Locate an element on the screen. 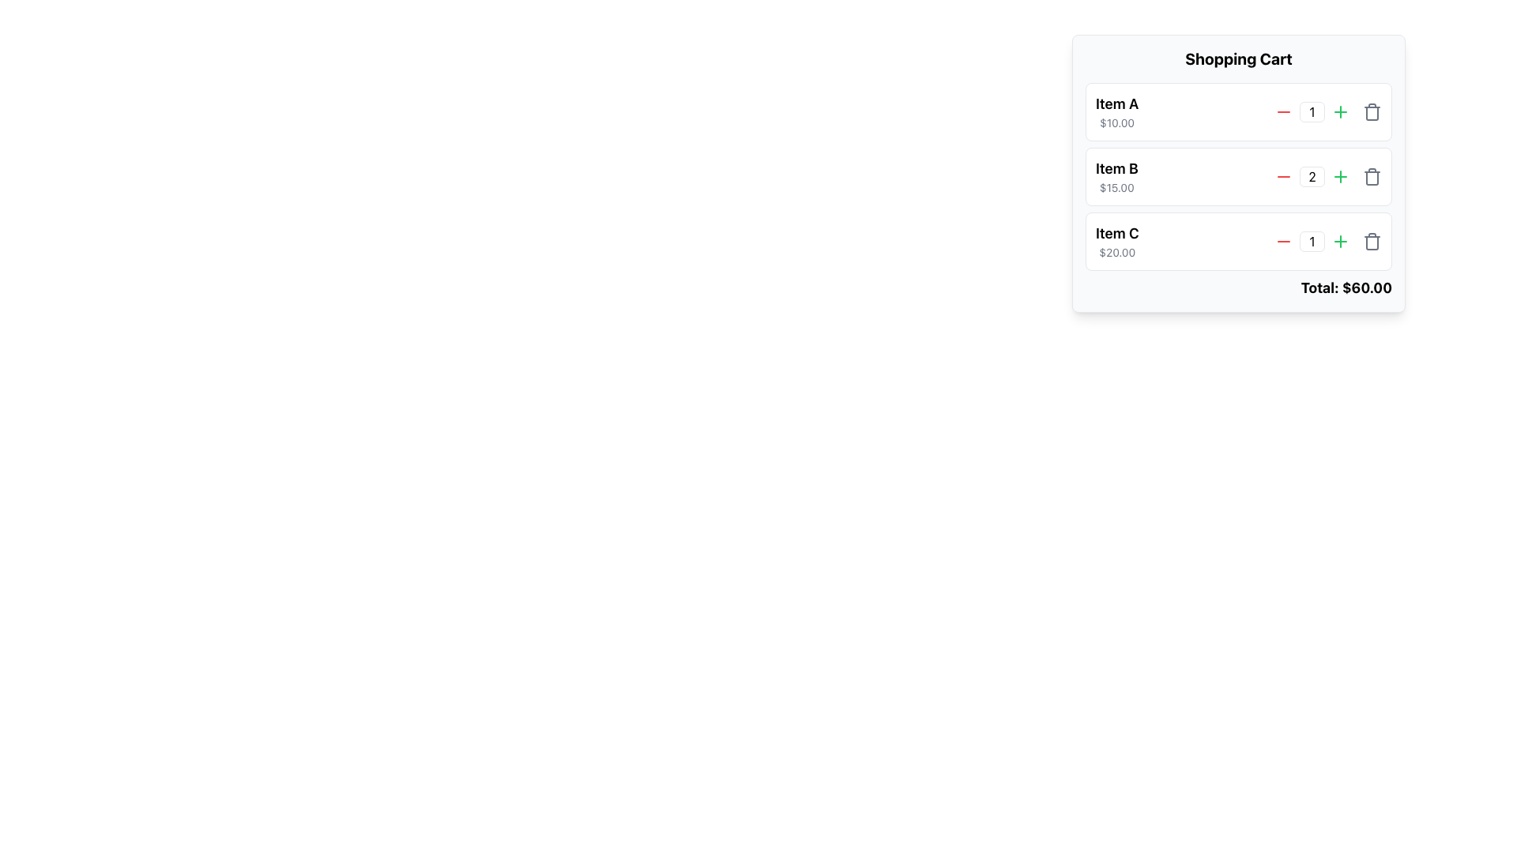 Image resolution: width=1517 pixels, height=853 pixels. the increment button located to the right of the quantity display input field for the second item in the shopping cart list is located at coordinates (1340, 176).